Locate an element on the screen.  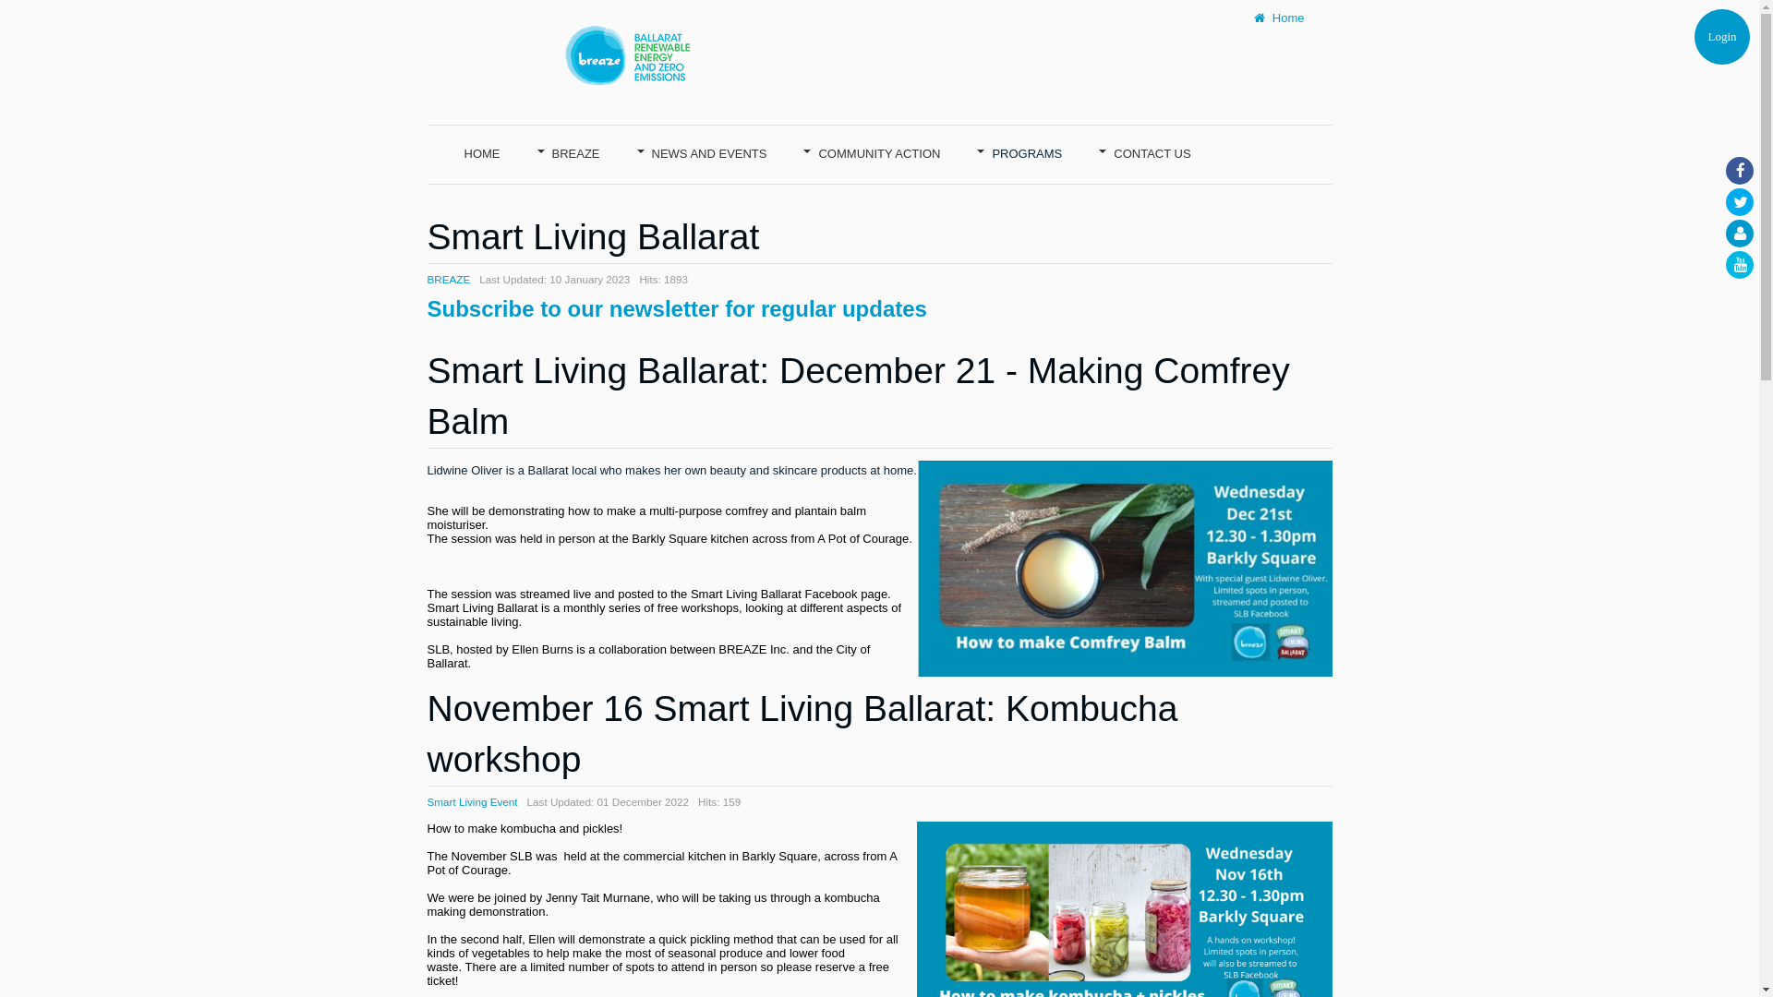
'Home' is located at coordinates (1278, 18).